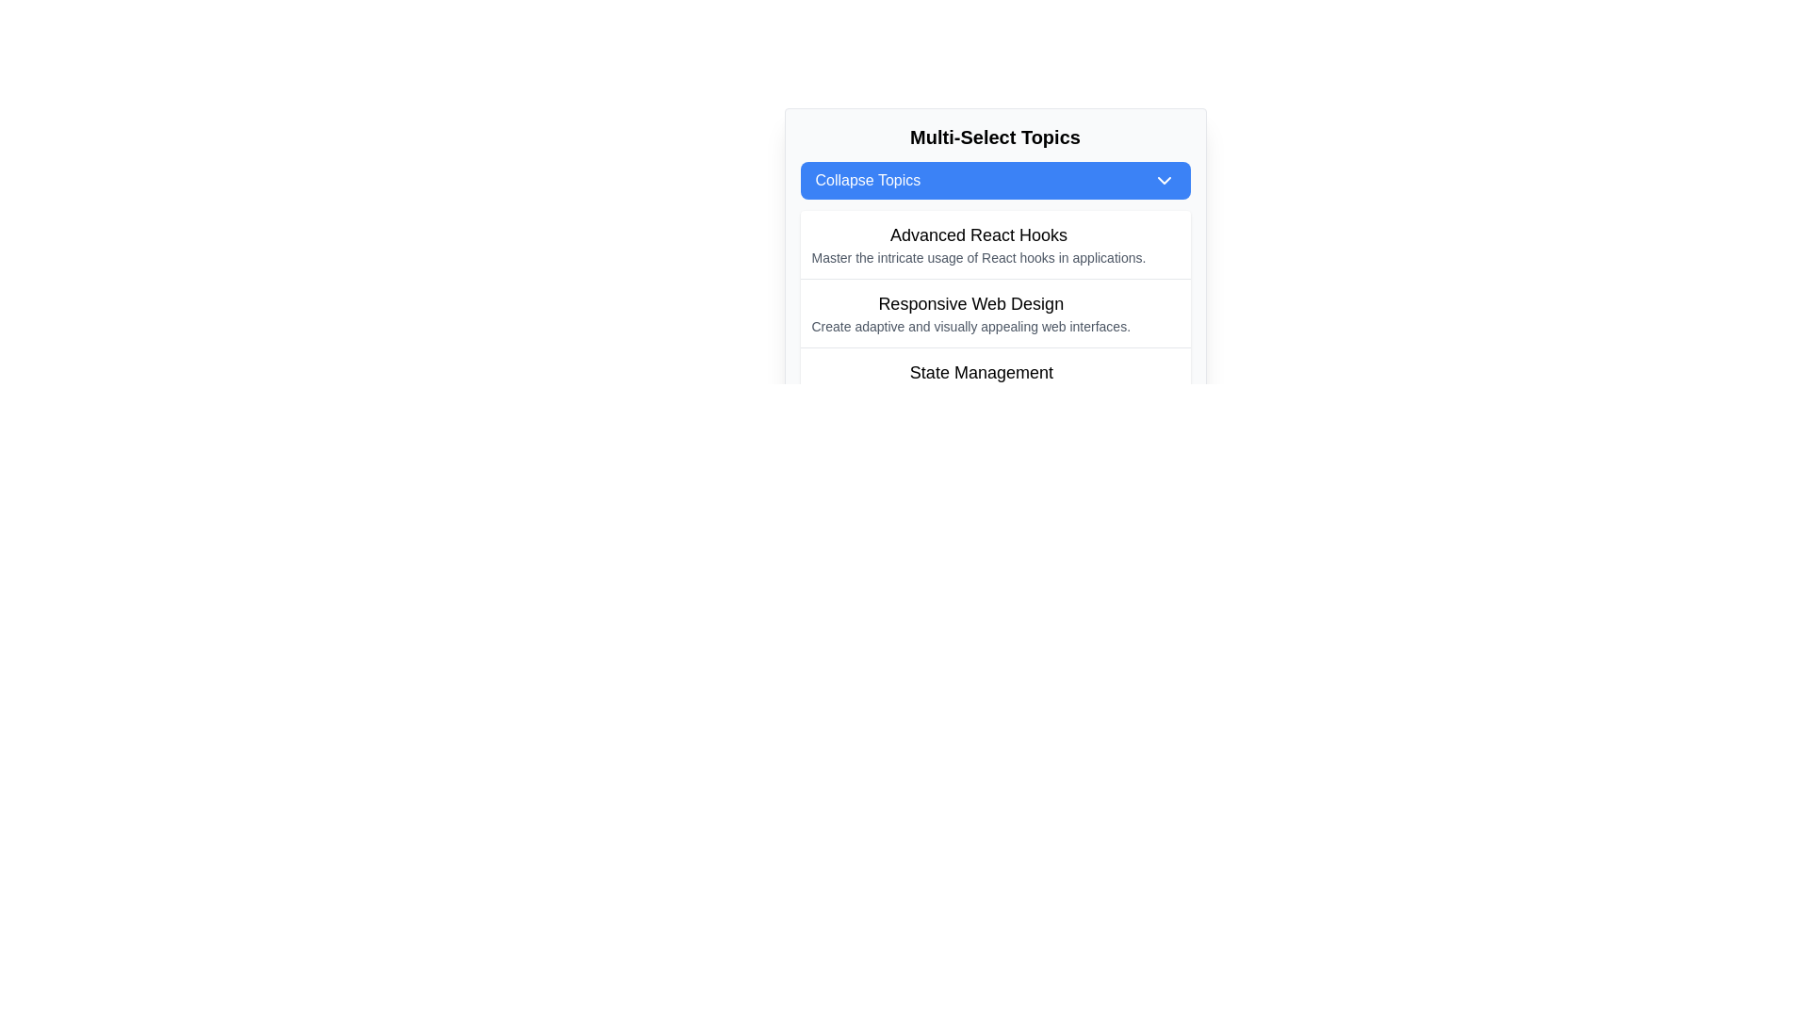 The width and height of the screenshot is (1809, 1017). What do you see at coordinates (980, 381) in the screenshot?
I see `the 'State Management' textual content section within the card component` at bounding box center [980, 381].